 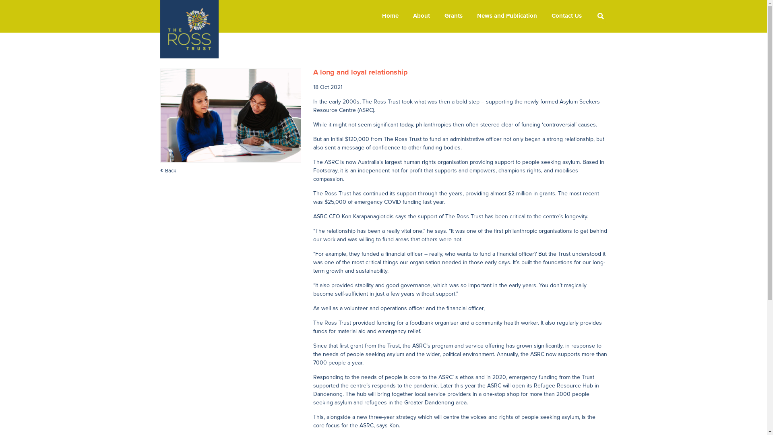 I want to click on 'Home', so click(x=390, y=16).